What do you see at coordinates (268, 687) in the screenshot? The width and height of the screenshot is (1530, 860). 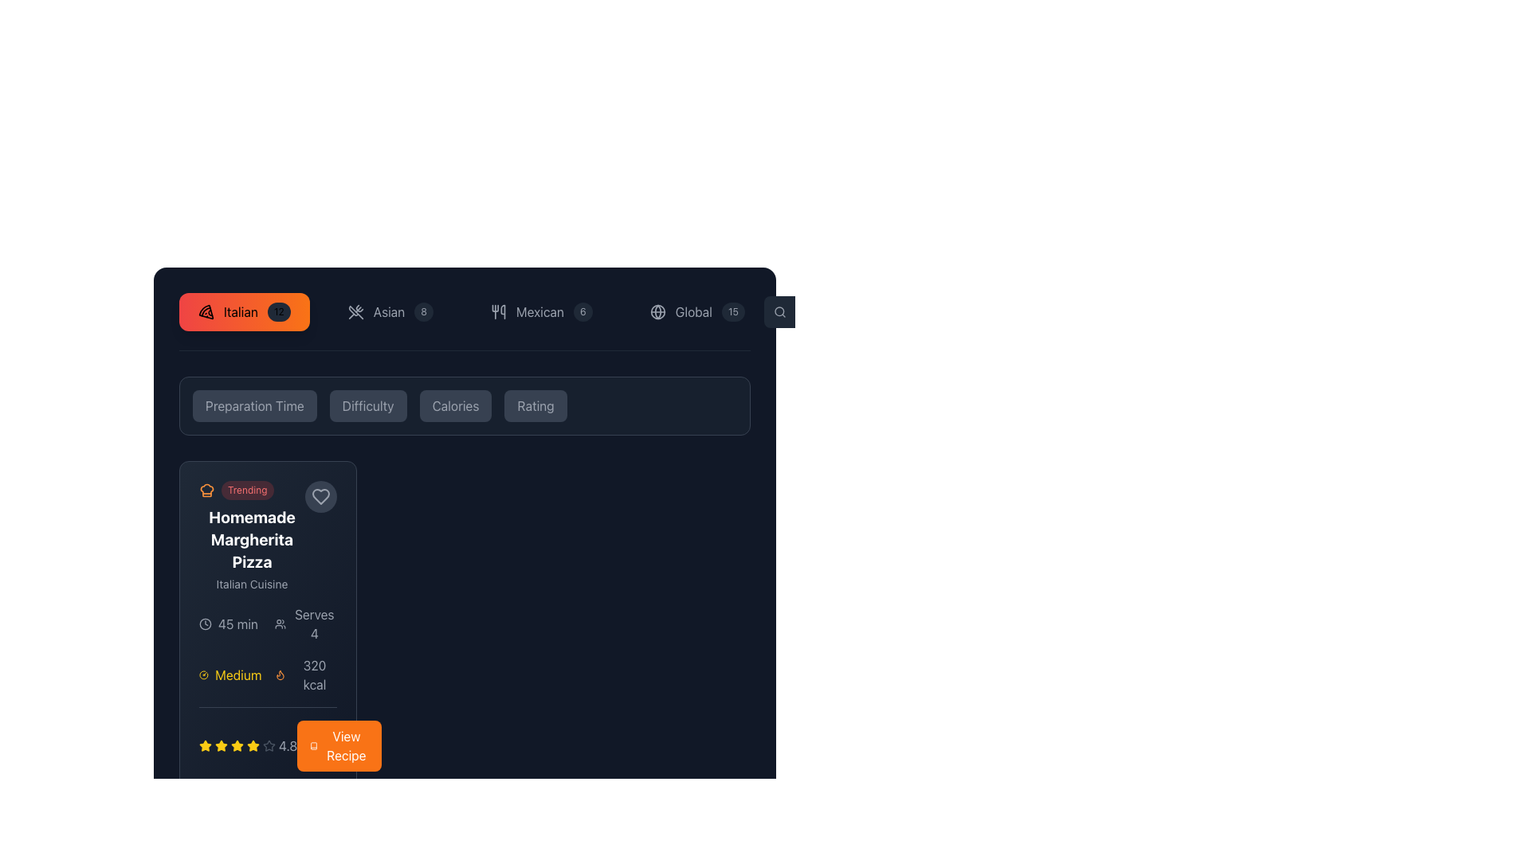 I see `the centrally located Information Display Block within the recipe card` at bounding box center [268, 687].